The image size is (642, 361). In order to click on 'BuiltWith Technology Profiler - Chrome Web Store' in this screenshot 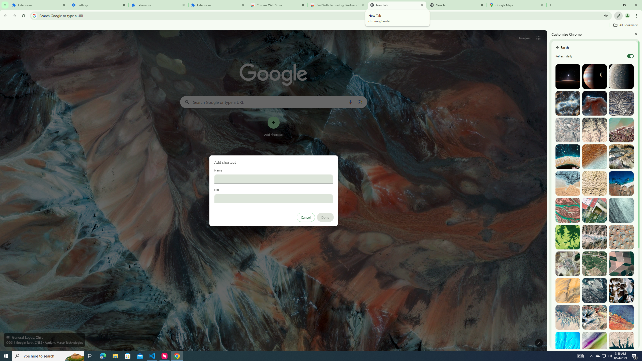, I will do `click(337, 5)`.